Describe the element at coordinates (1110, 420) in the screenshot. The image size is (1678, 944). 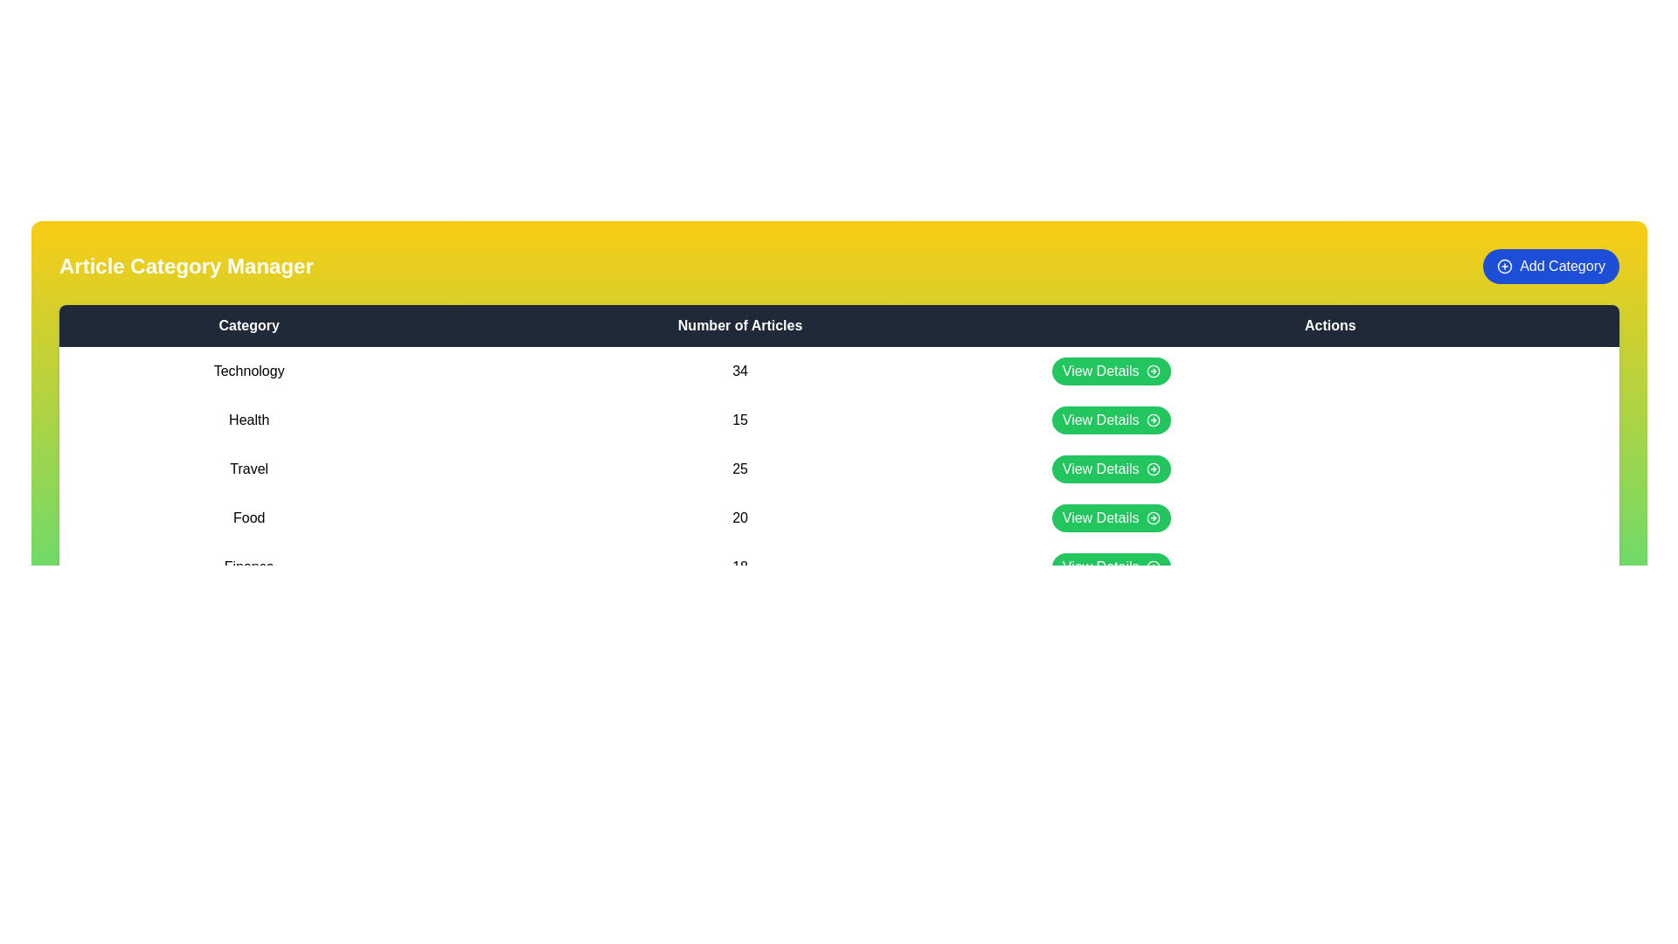
I see `the 'View Details' button for the category 'Health'` at that location.